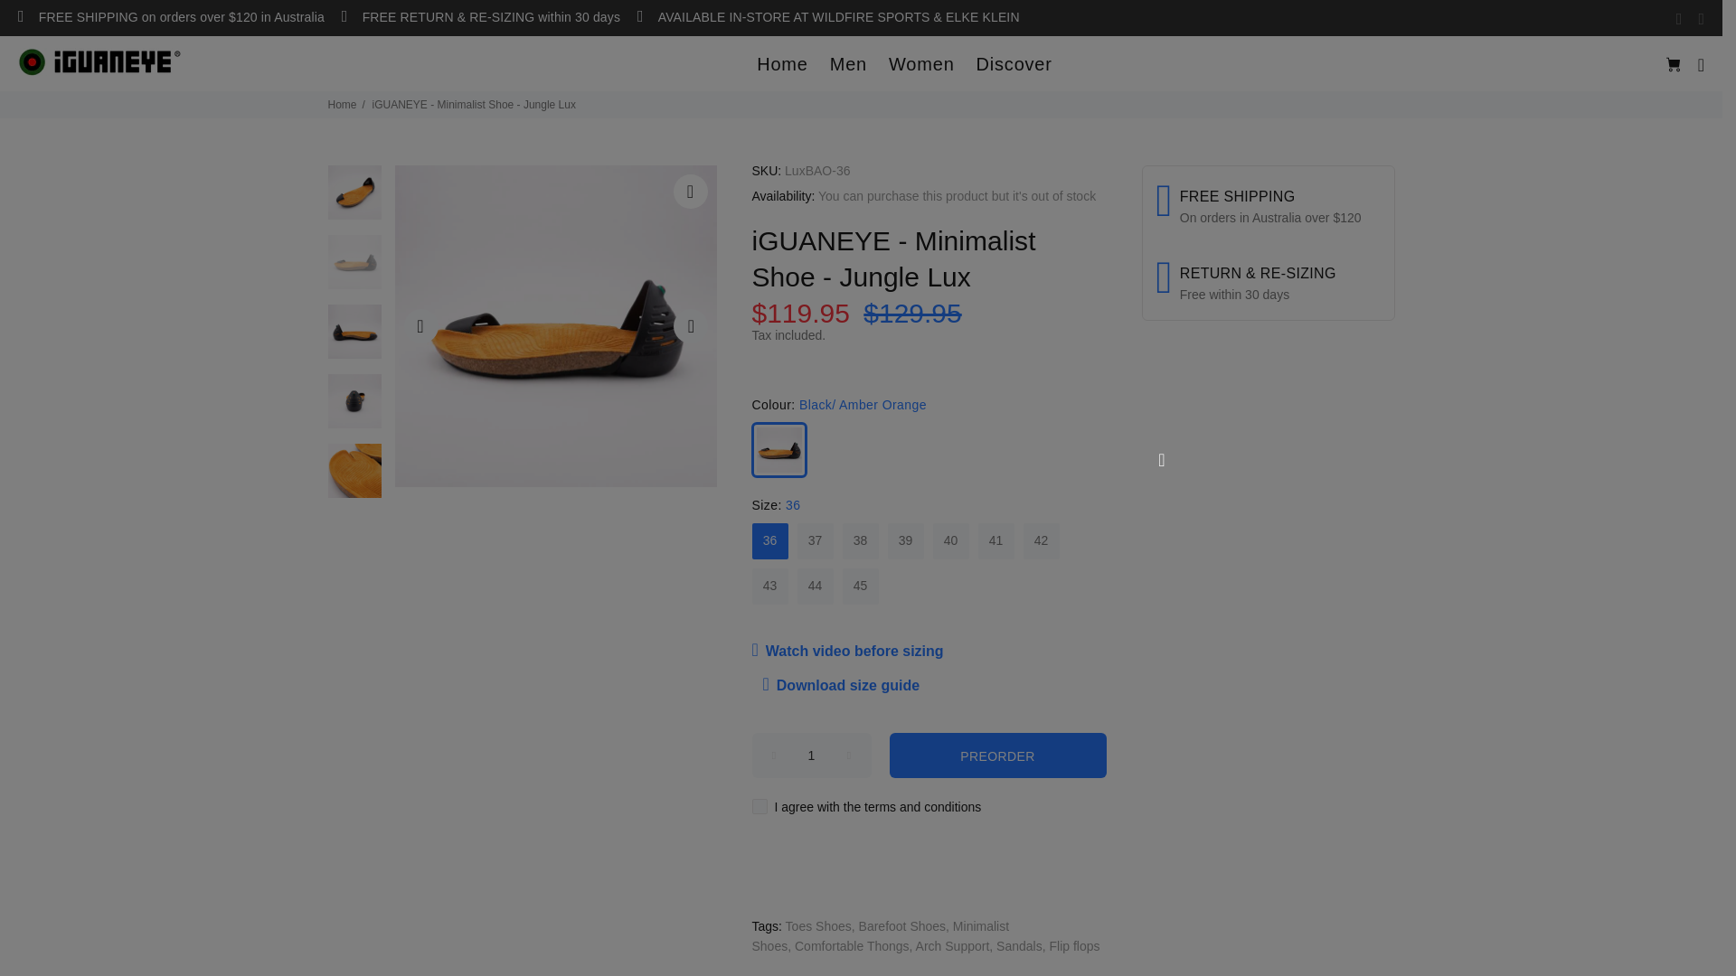 This screenshot has height=976, width=1736. I want to click on 'Minimalist Shoes', so click(881, 935).